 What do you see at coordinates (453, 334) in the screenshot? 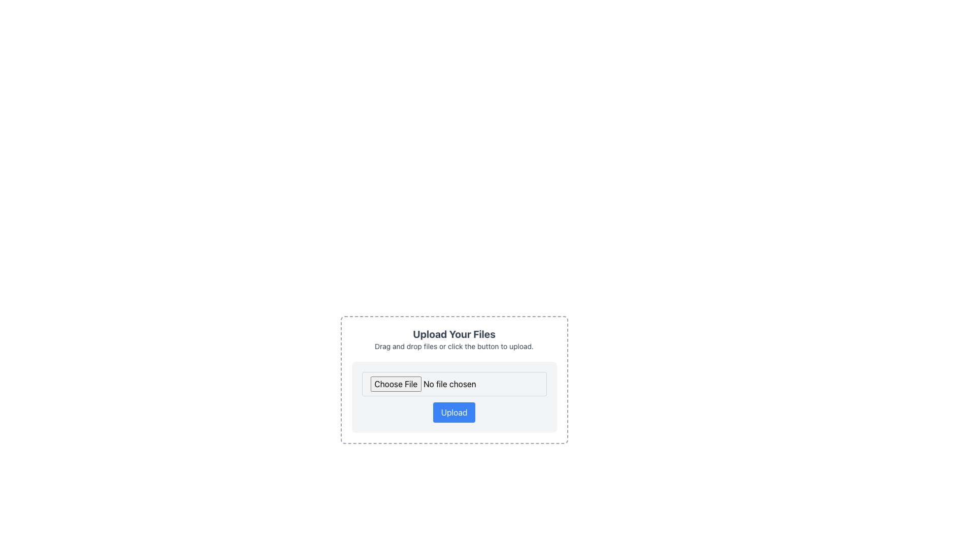
I see `the bold, large-sized text that reads 'Upload Your Files', which is positioned at the top-center of a card-like section` at bounding box center [453, 334].